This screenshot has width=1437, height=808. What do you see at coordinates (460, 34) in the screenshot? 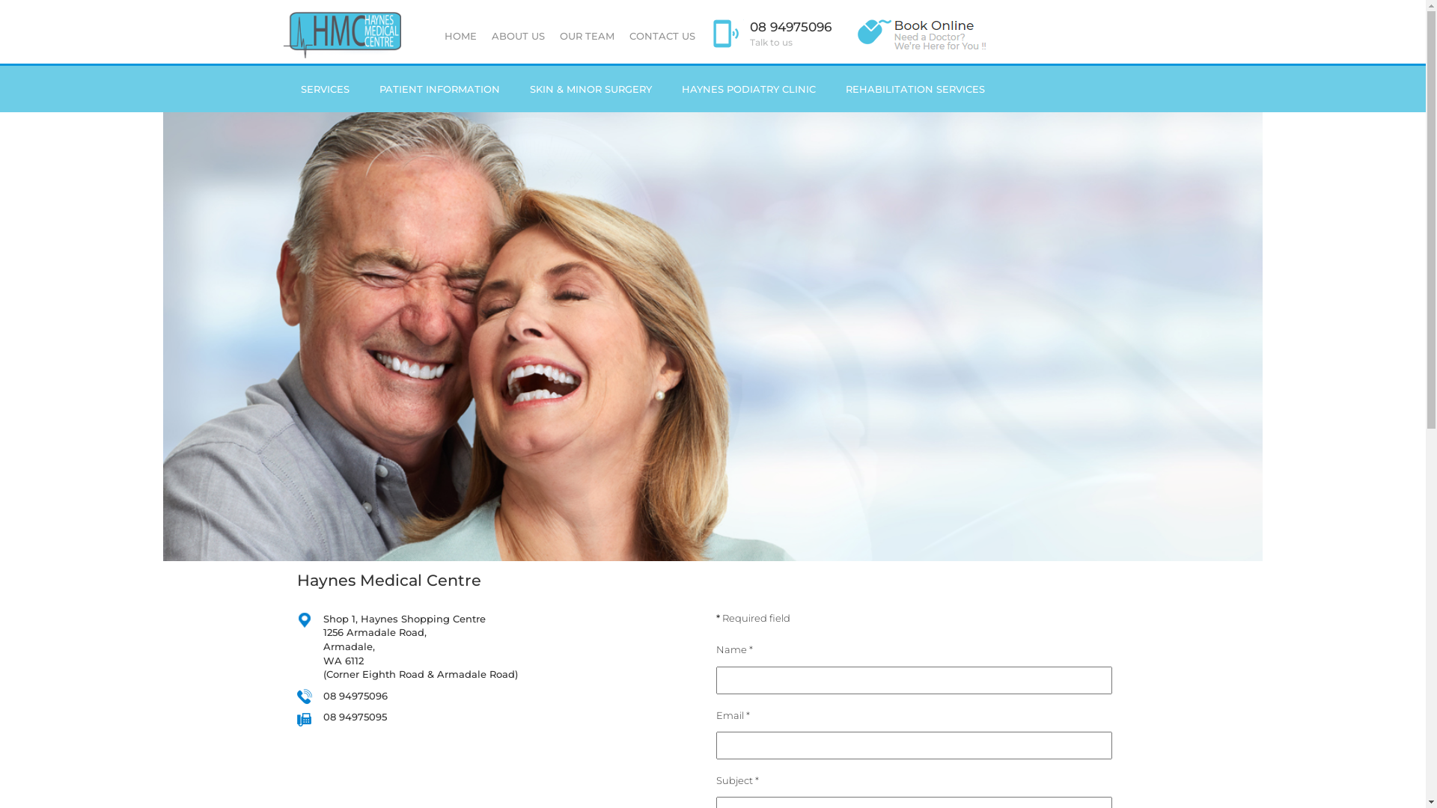
I see `'HOME'` at bounding box center [460, 34].